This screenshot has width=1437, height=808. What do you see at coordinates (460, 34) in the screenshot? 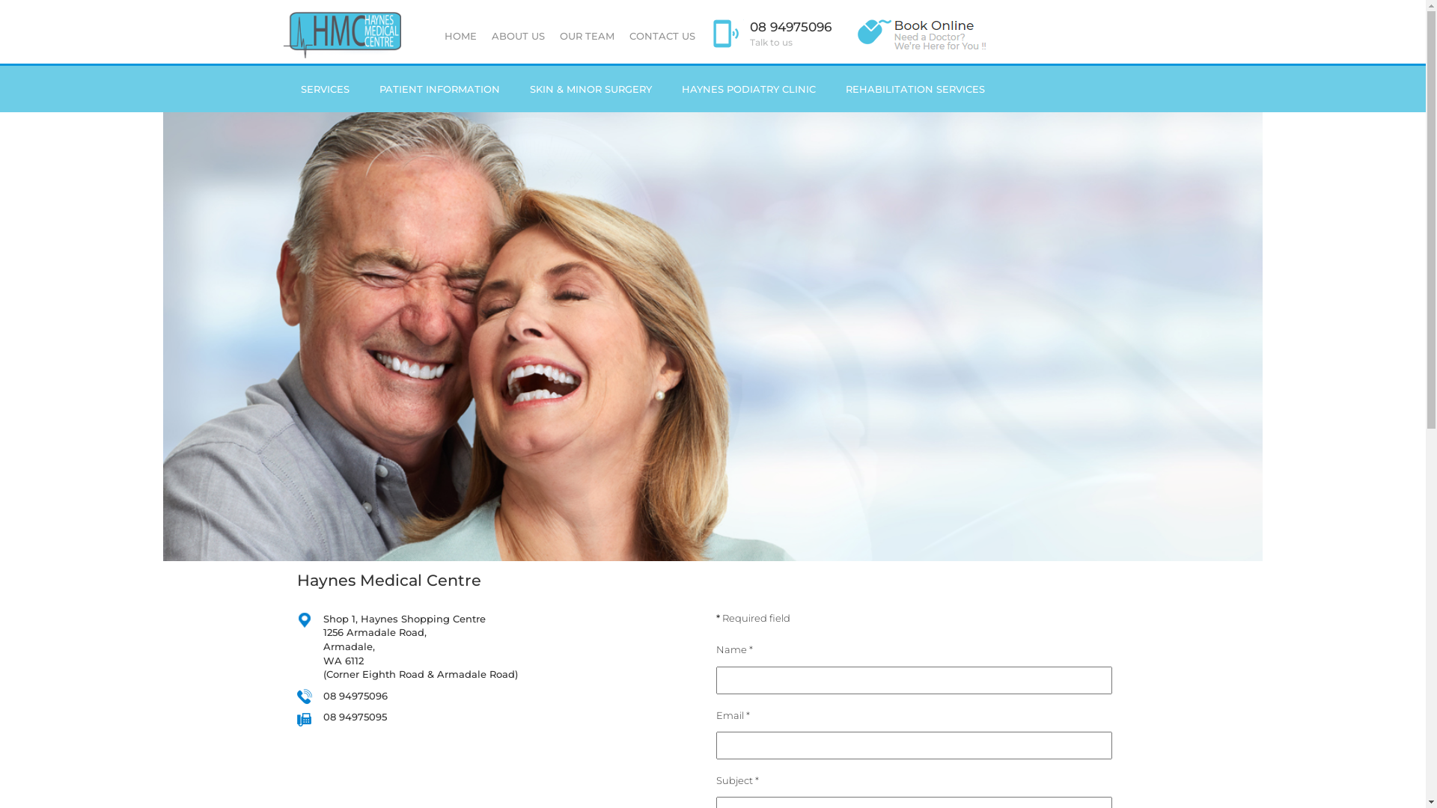
I see `'HOME'` at bounding box center [460, 34].